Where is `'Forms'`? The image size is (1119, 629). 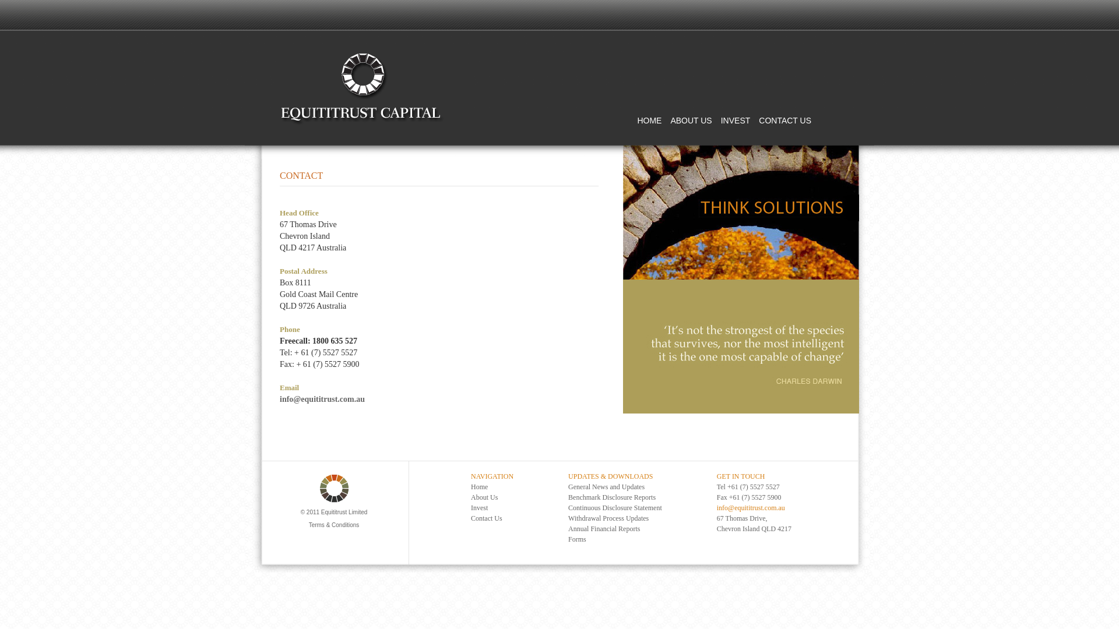 'Forms' is located at coordinates (577, 539).